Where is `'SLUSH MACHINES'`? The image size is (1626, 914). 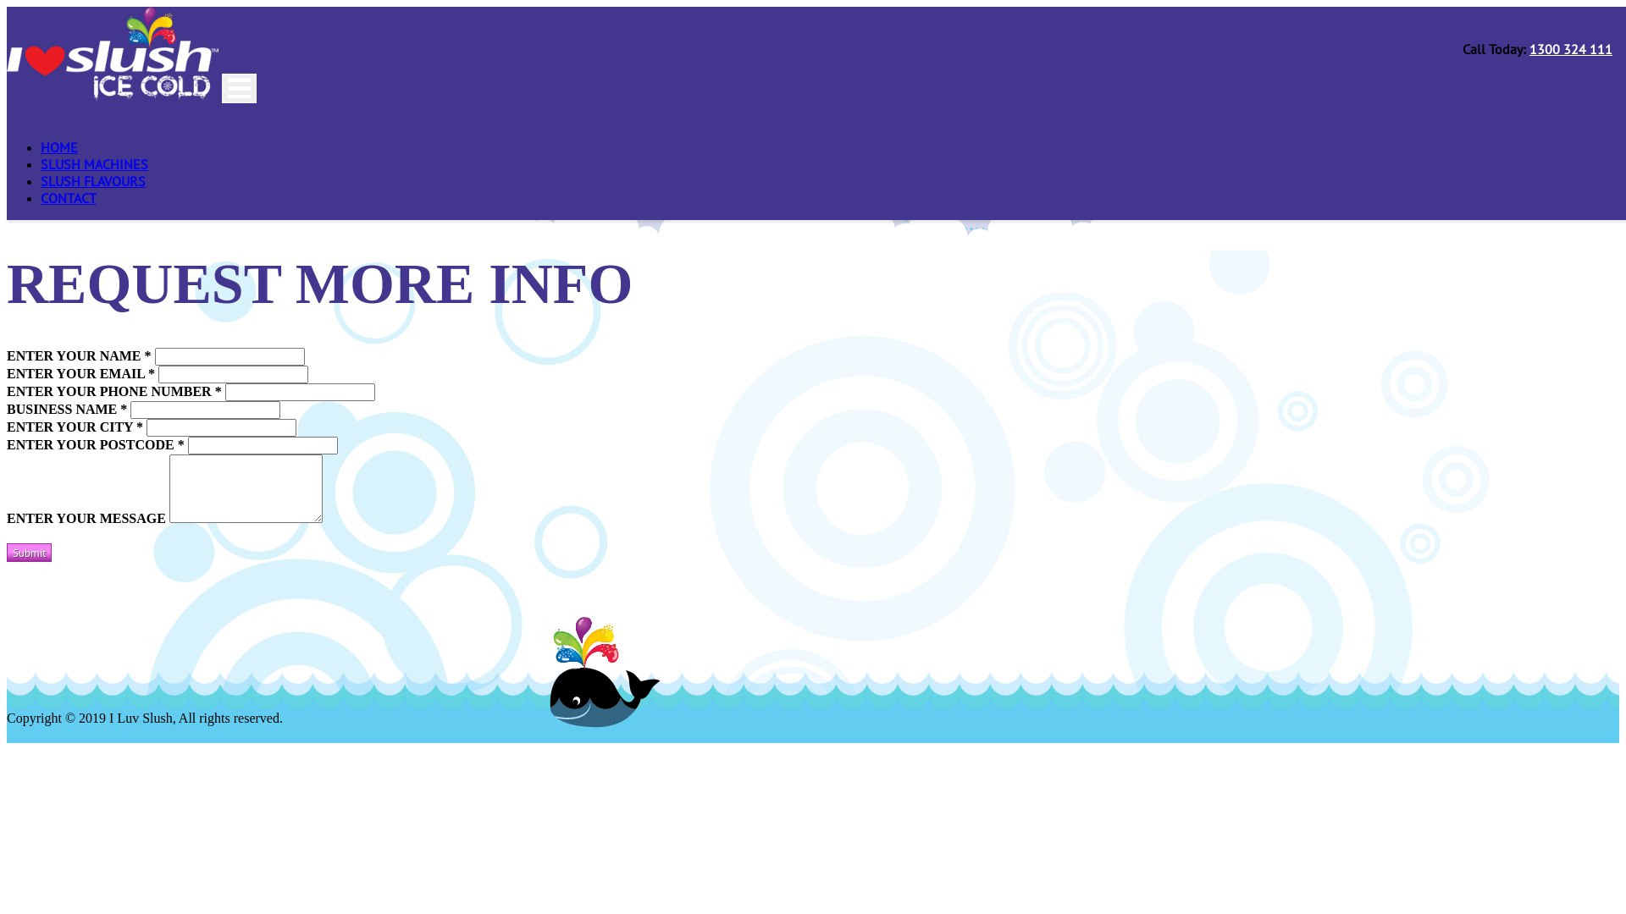
'SLUSH MACHINES' is located at coordinates (93, 163).